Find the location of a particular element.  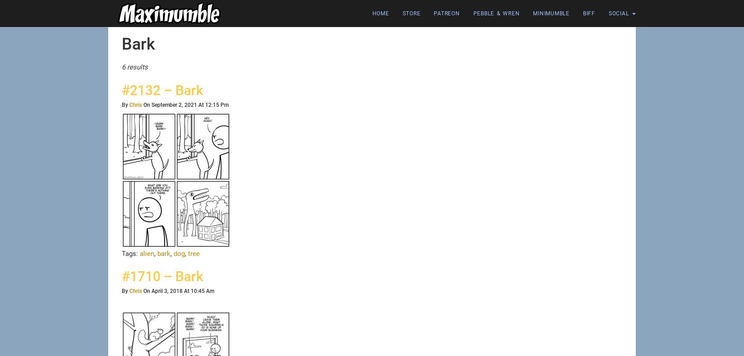

'#1710 – Bark' is located at coordinates (121, 276).